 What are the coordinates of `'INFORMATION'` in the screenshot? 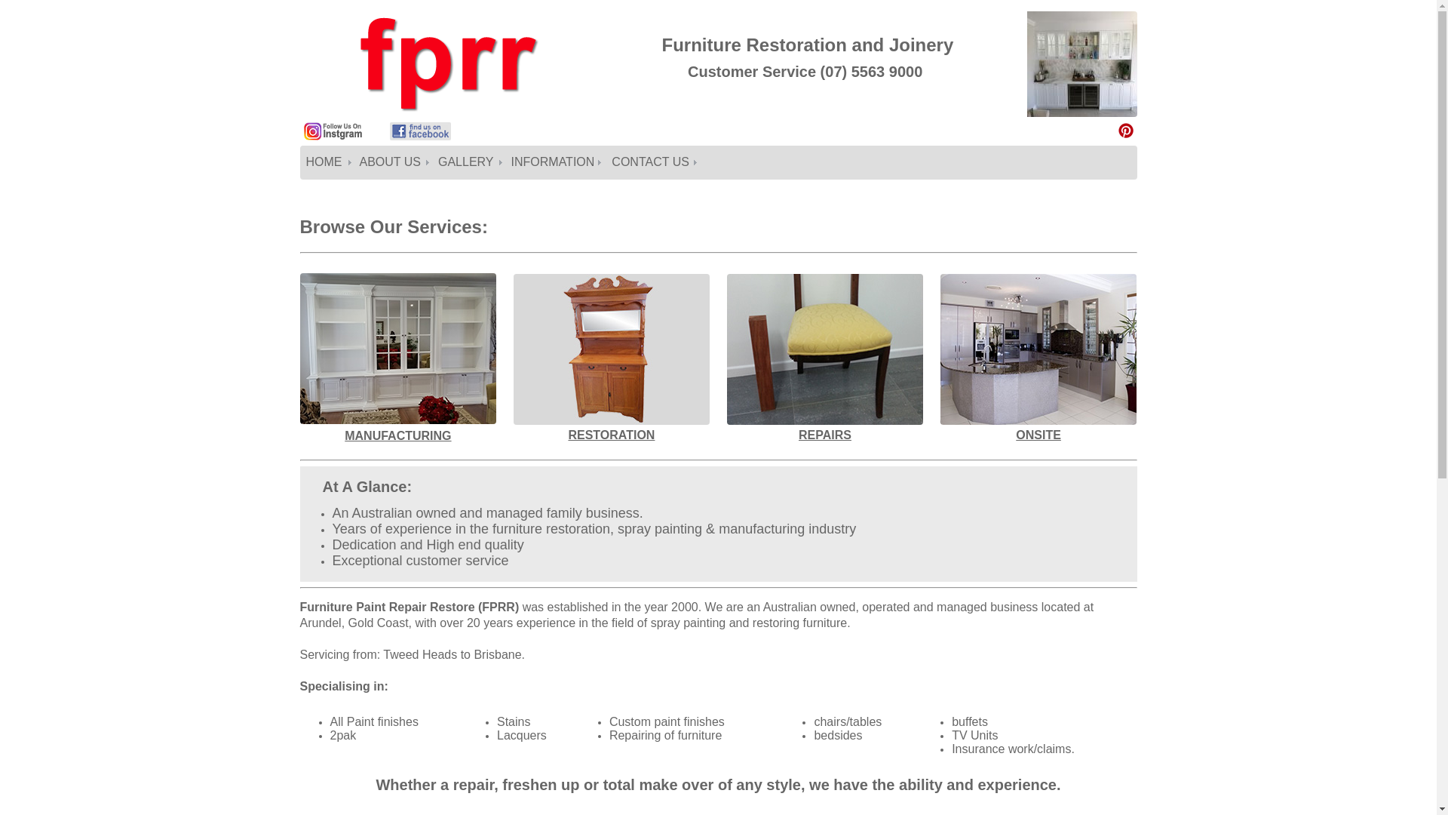 It's located at (555, 162).